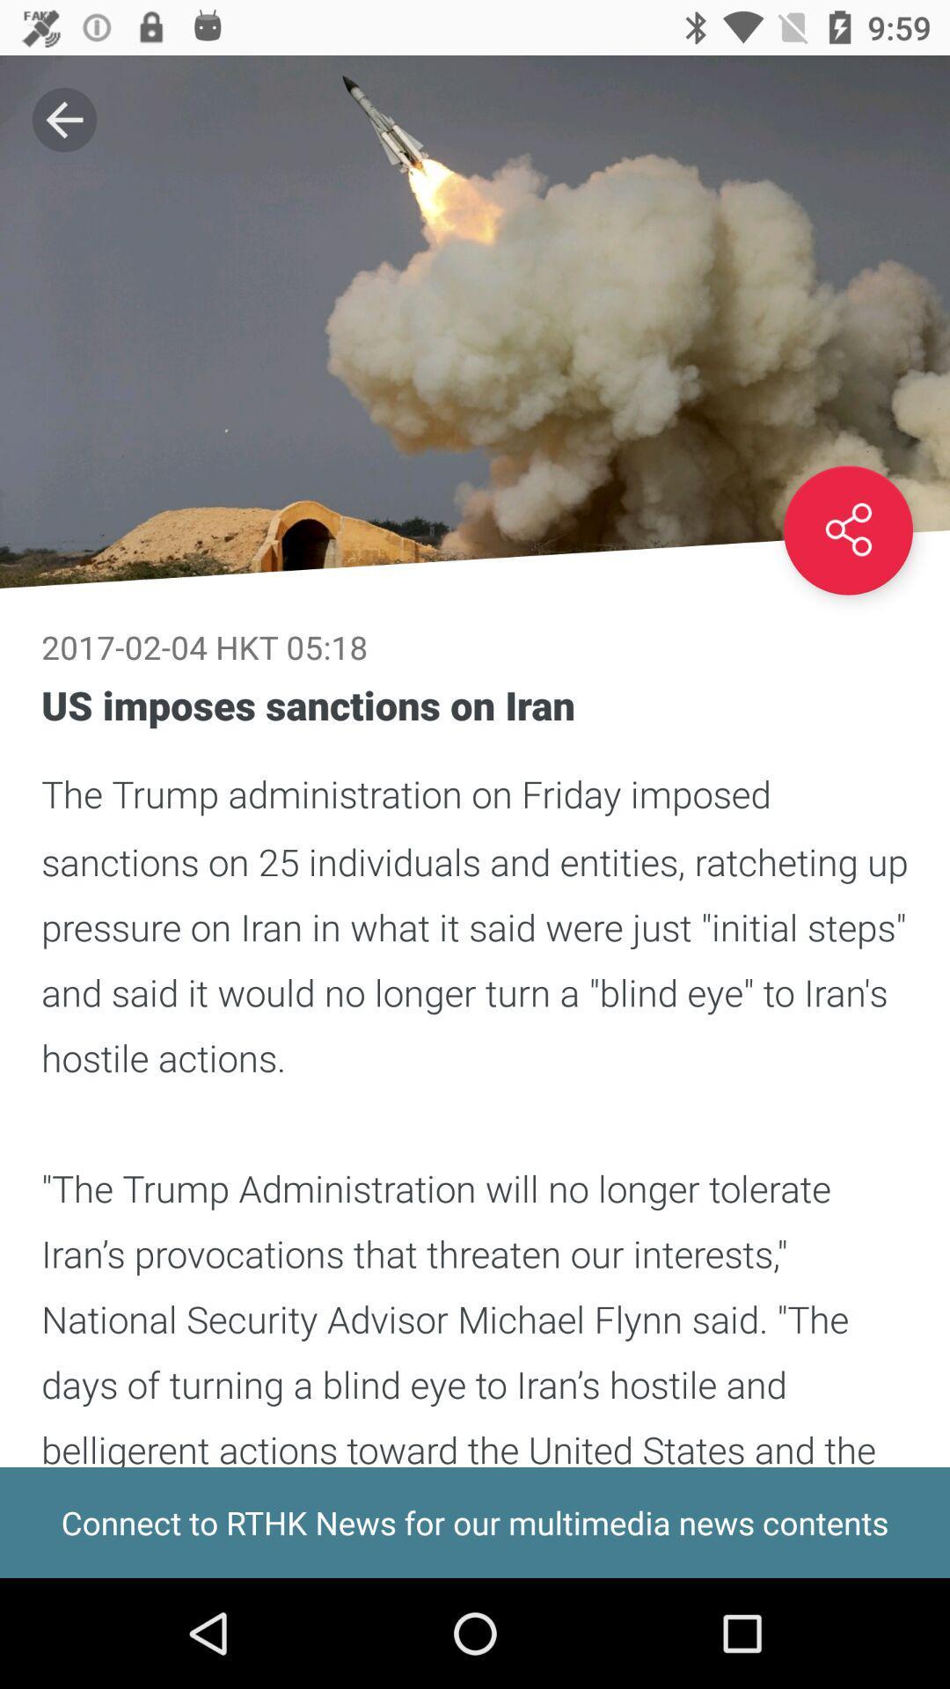  Describe the element at coordinates (63, 119) in the screenshot. I see `app to the left of the news` at that location.